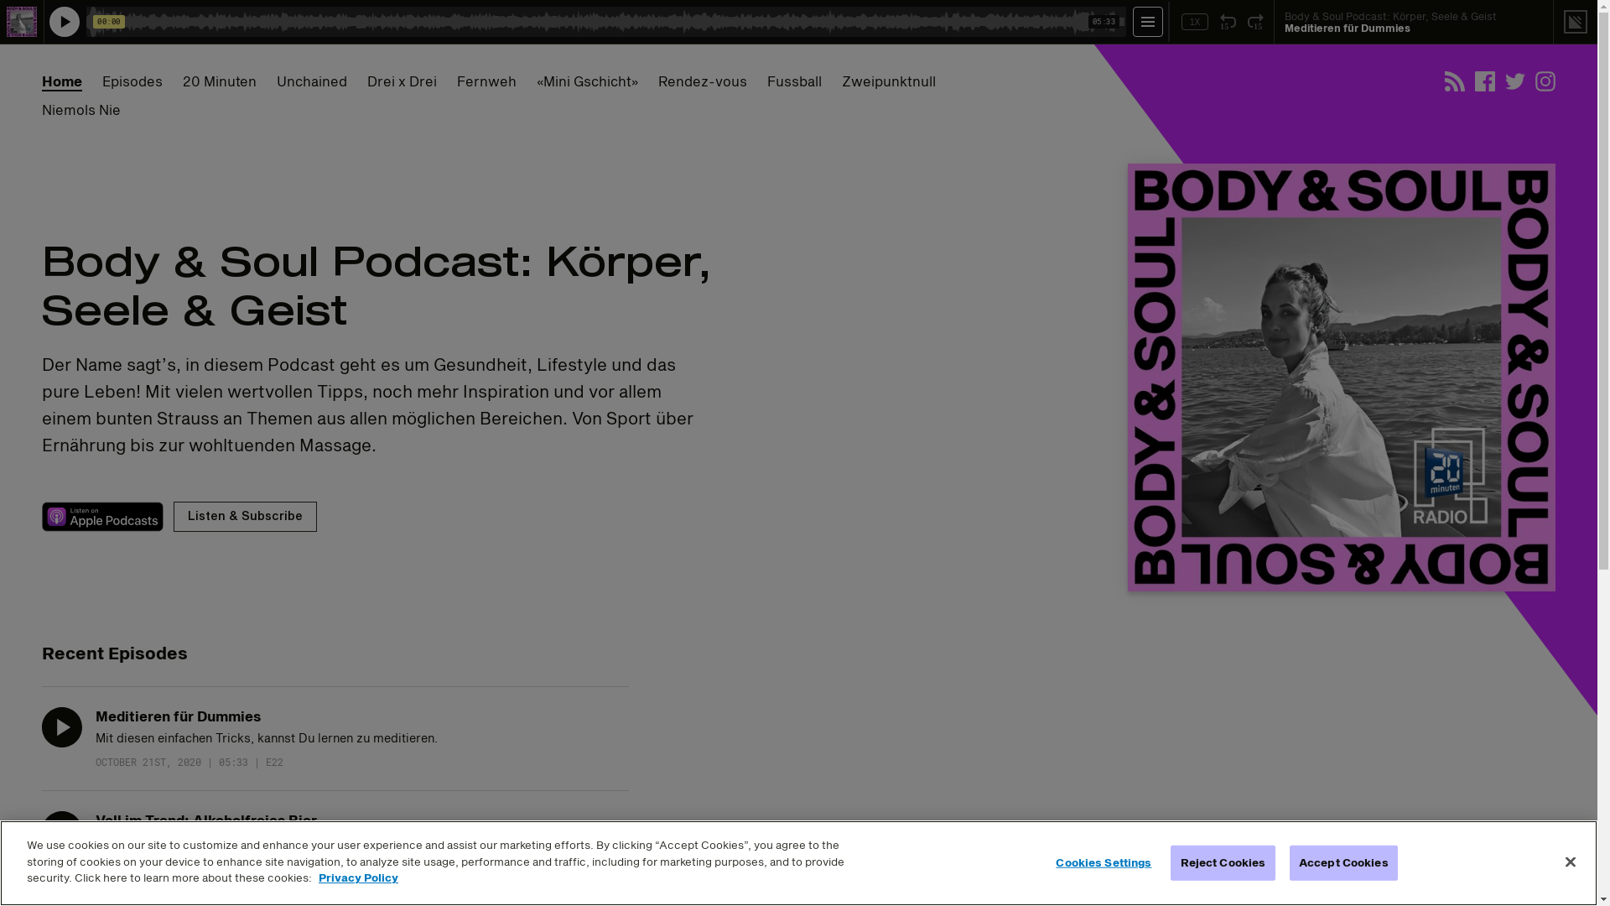  I want to click on '1X', so click(1194, 22).